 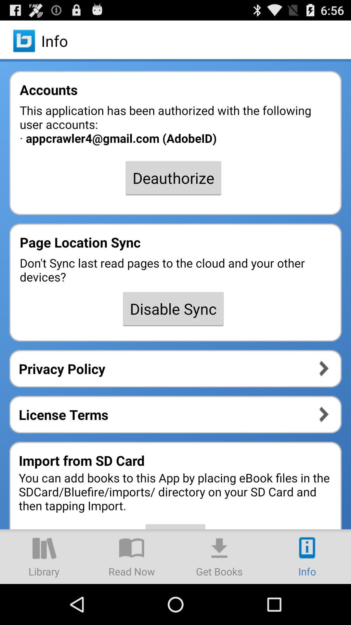 What do you see at coordinates (307, 556) in the screenshot?
I see `info option` at bounding box center [307, 556].